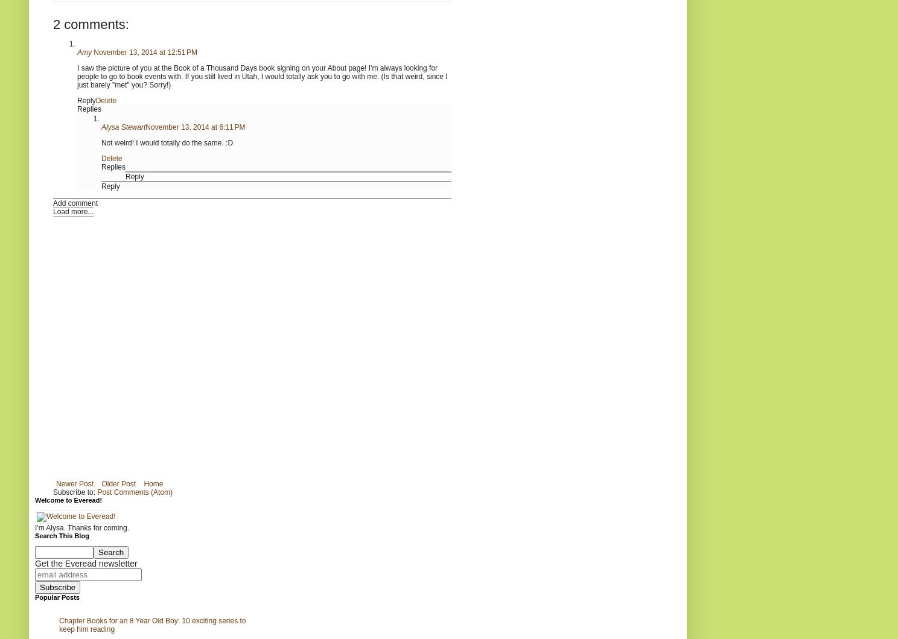  Describe the element at coordinates (85, 562) in the screenshot. I see `'Get the Everead newsletter'` at that location.